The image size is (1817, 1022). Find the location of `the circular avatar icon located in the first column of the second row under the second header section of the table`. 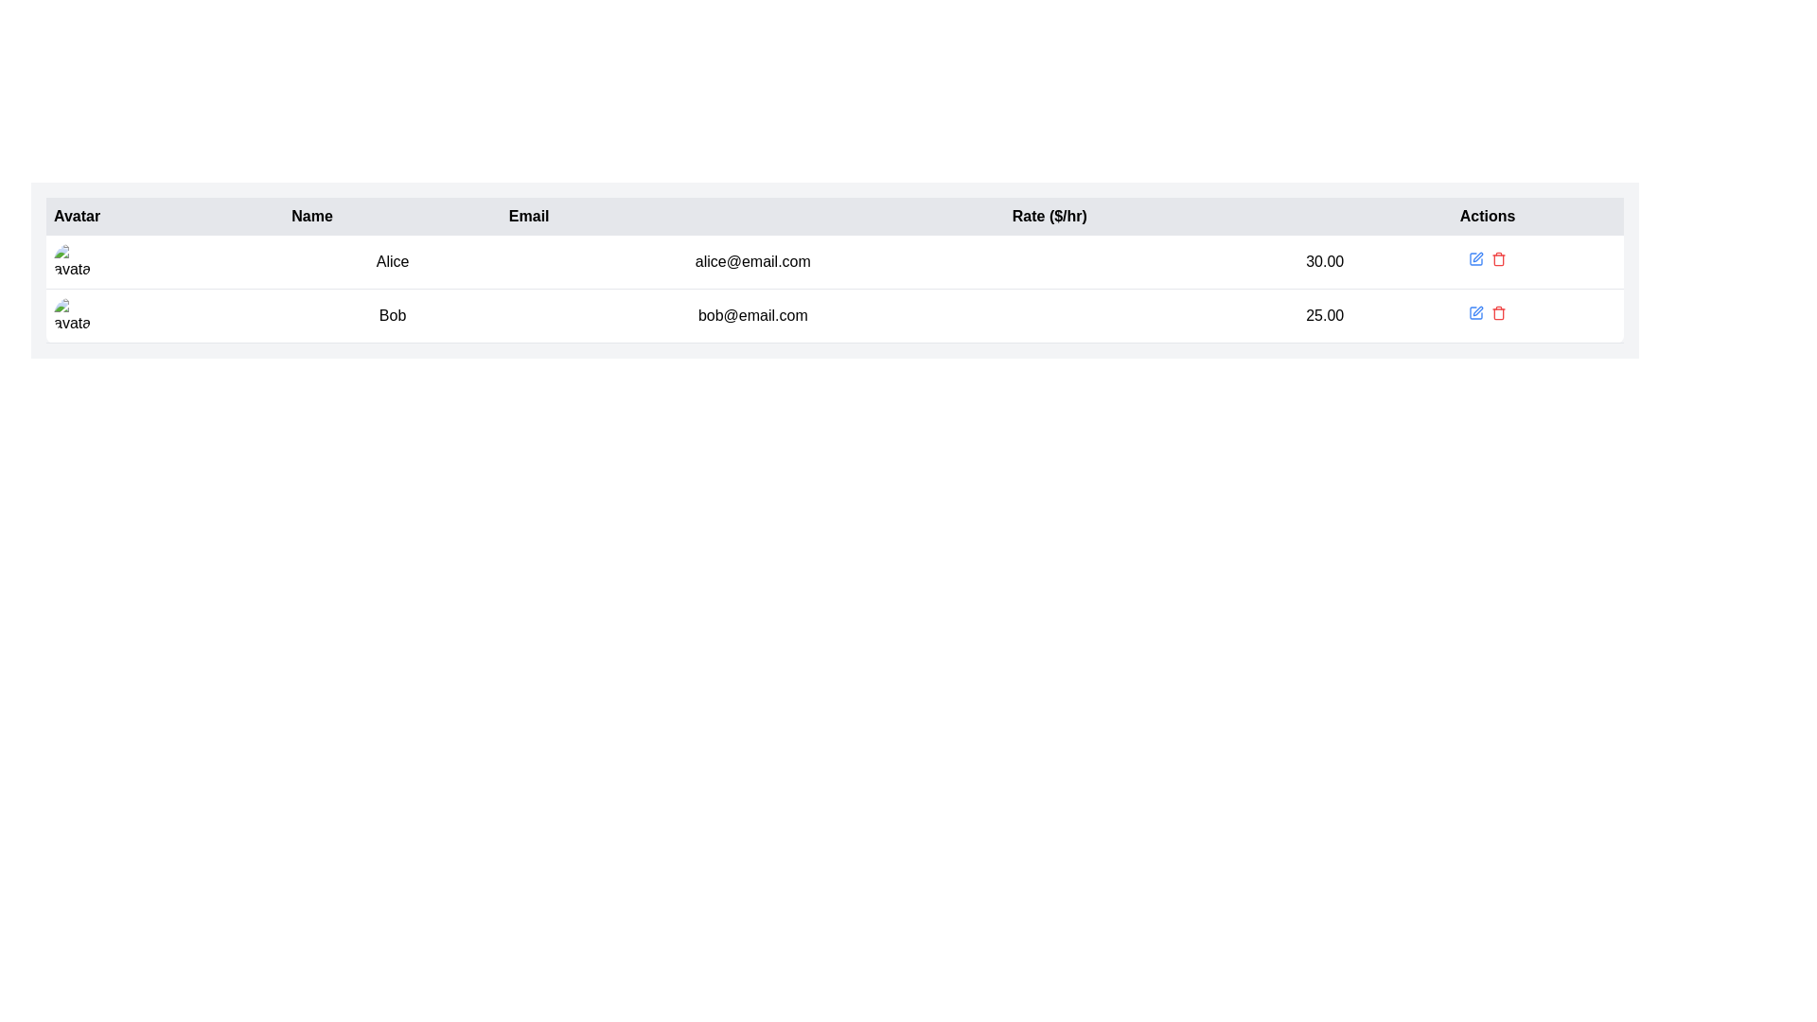

the circular avatar icon located in the first column of the second row under the second header section of the table is located at coordinates (72, 315).